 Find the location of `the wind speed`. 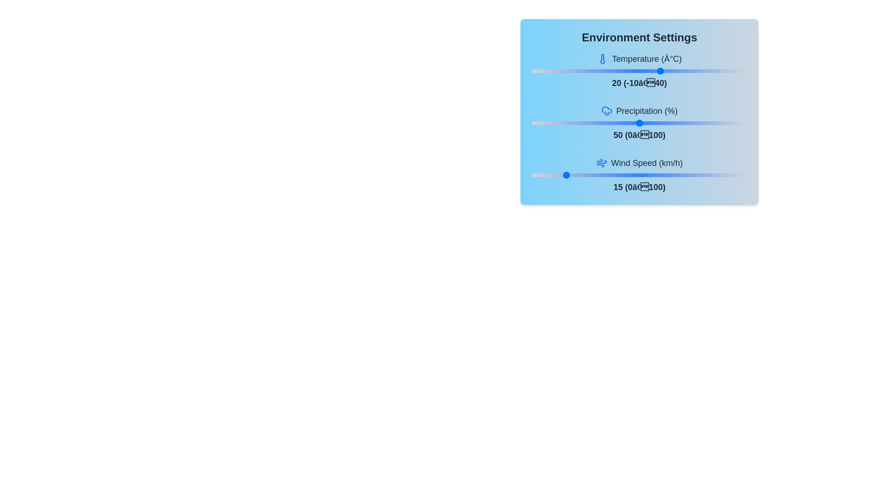

the wind speed is located at coordinates (605, 175).